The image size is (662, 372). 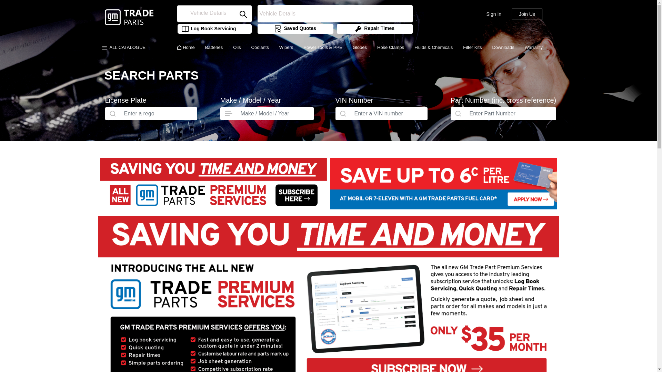 I want to click on 'Join Us', so click(x=526, y=14).